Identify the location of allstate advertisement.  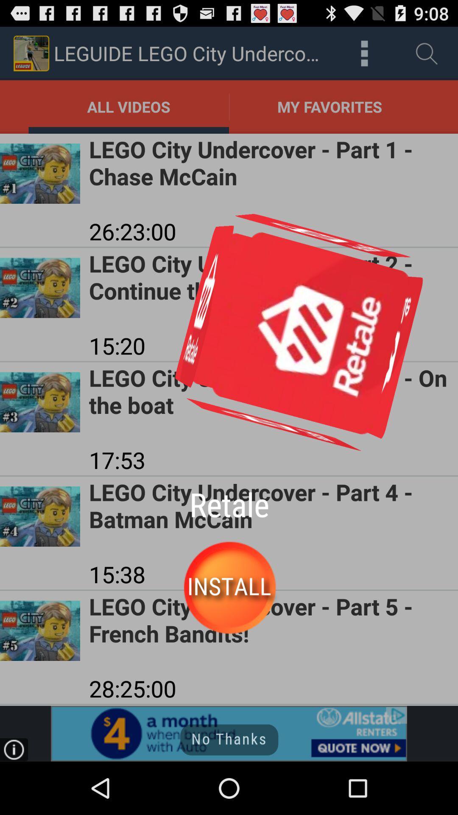
(229, 733).